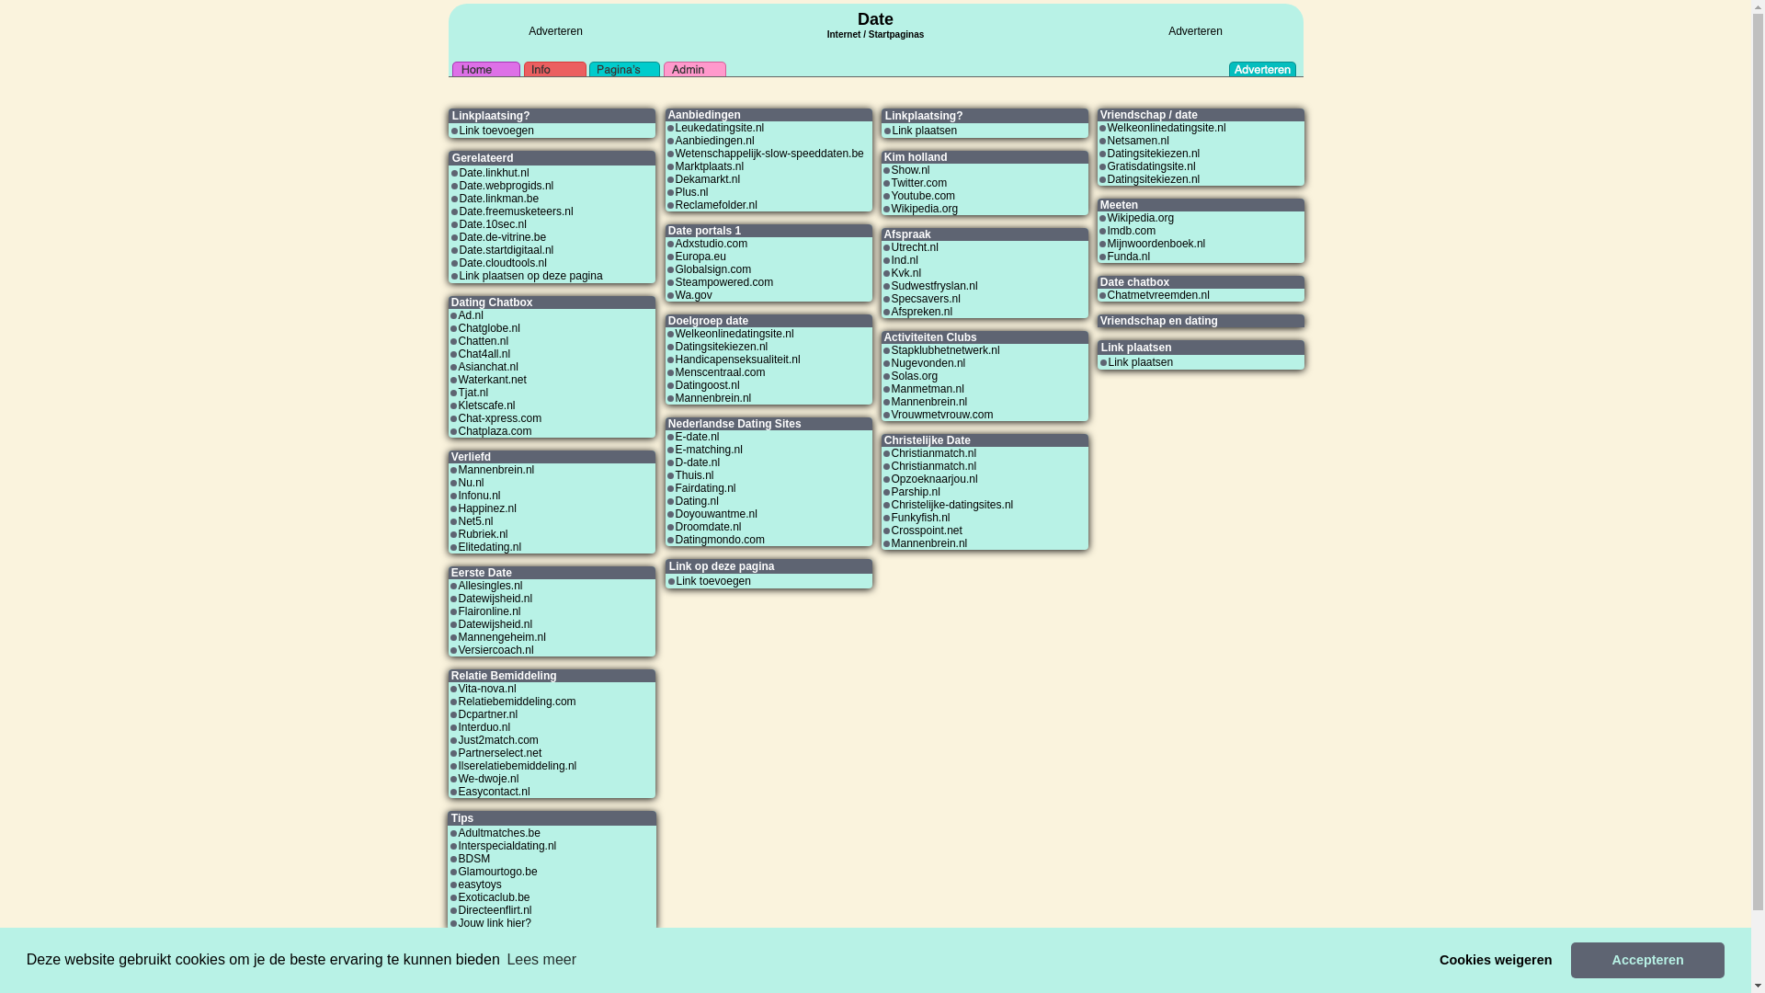  I want to click on 'Netsamen.nl', so click(1136, 140).